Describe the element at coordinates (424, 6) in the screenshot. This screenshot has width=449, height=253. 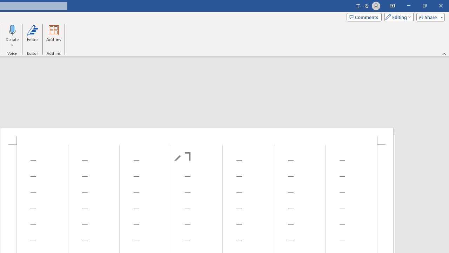
I see `'Restore Down'` at that location.